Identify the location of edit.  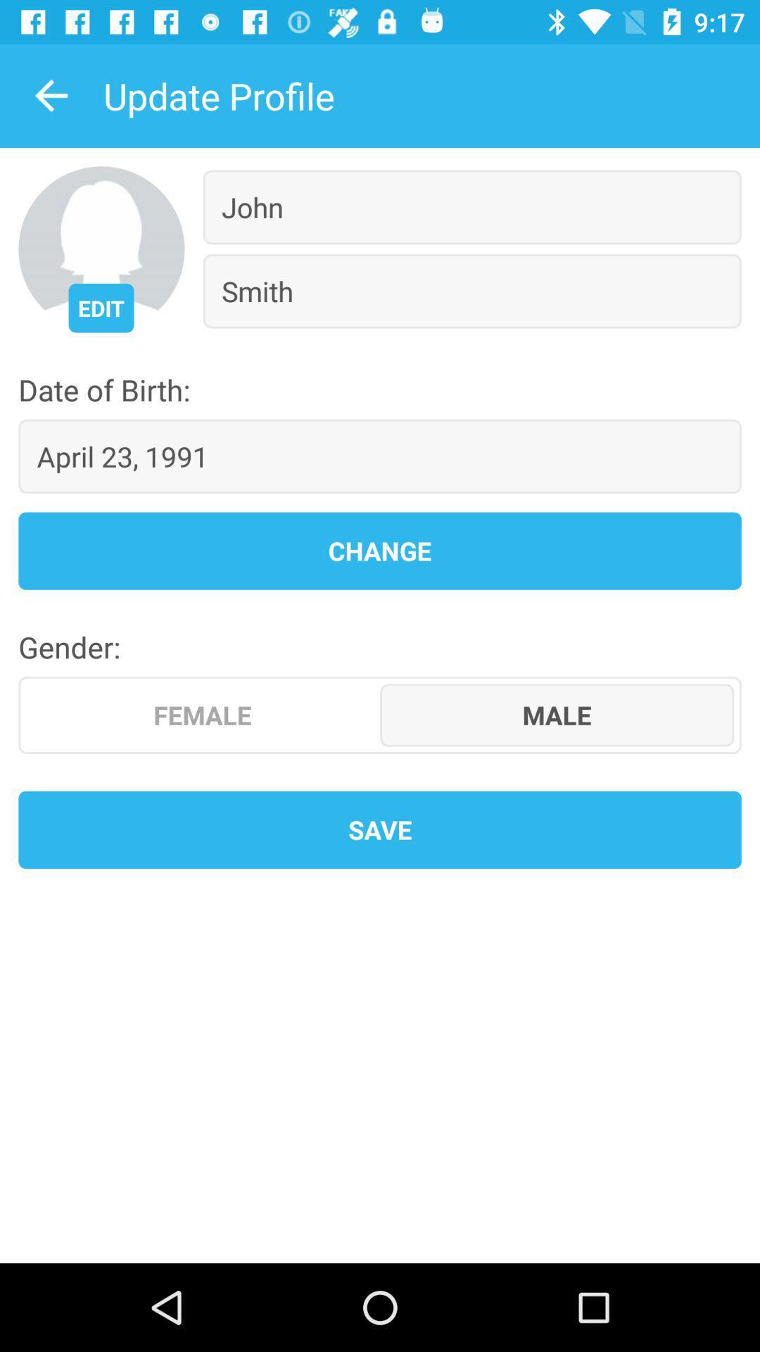
(100, 307).